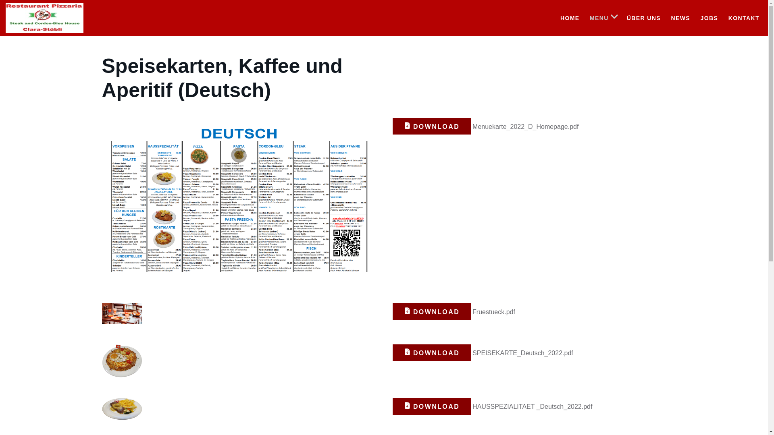 The image size is (774, 435). Describe the element at coordinates (678, 17) in the screenshot. I see `'NEWS'` at that location.